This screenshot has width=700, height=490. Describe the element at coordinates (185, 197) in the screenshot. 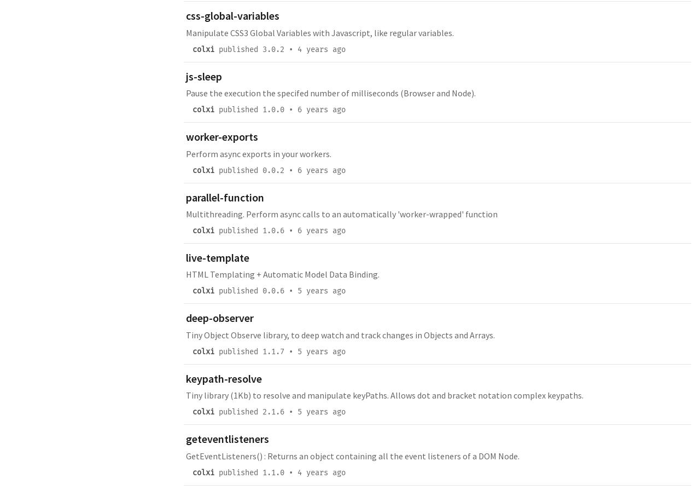

I see `'parallel-function'` at that location.